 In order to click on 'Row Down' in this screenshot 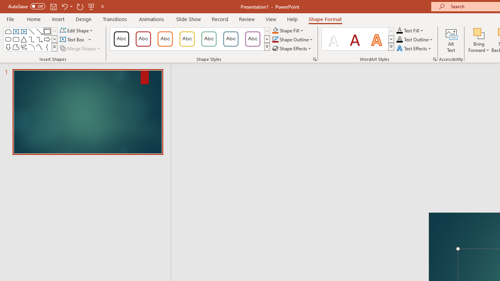, I will do `click(391, 39)`.